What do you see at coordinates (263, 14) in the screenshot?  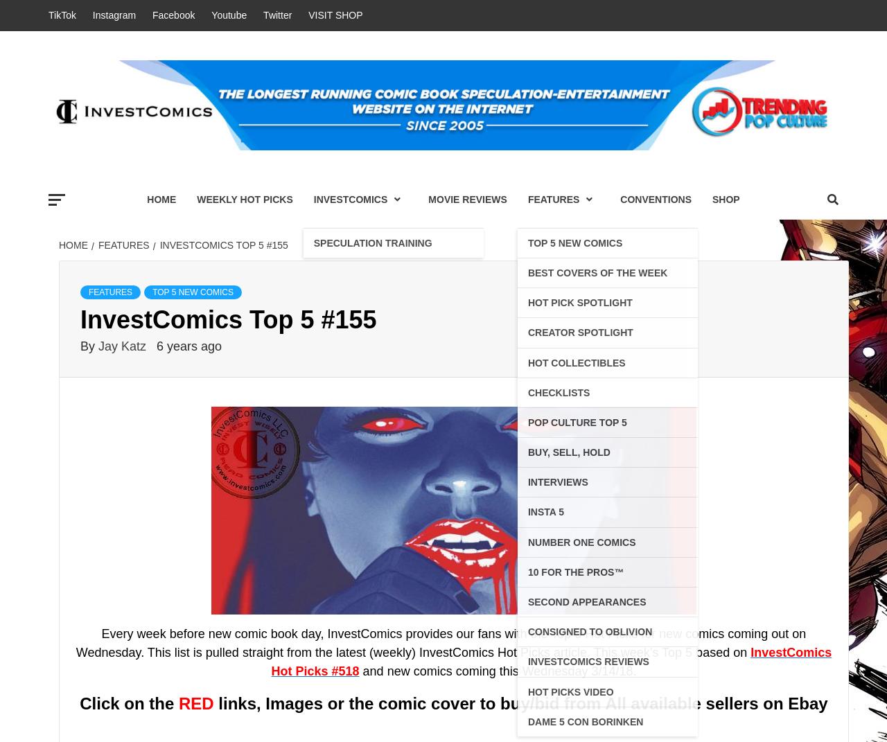 I see `'Twitter'` at bounding box center [263, 14].